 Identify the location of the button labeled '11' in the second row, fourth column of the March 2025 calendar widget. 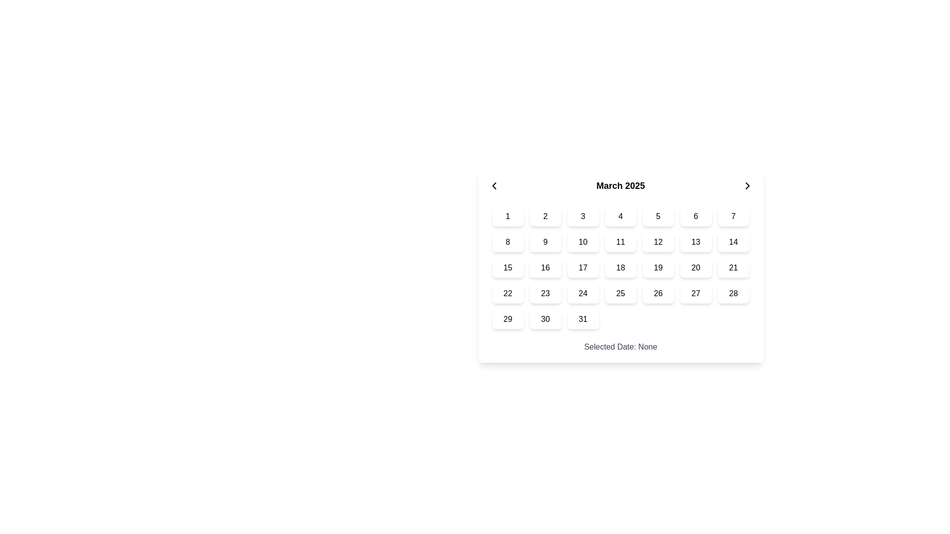
(620, 242).